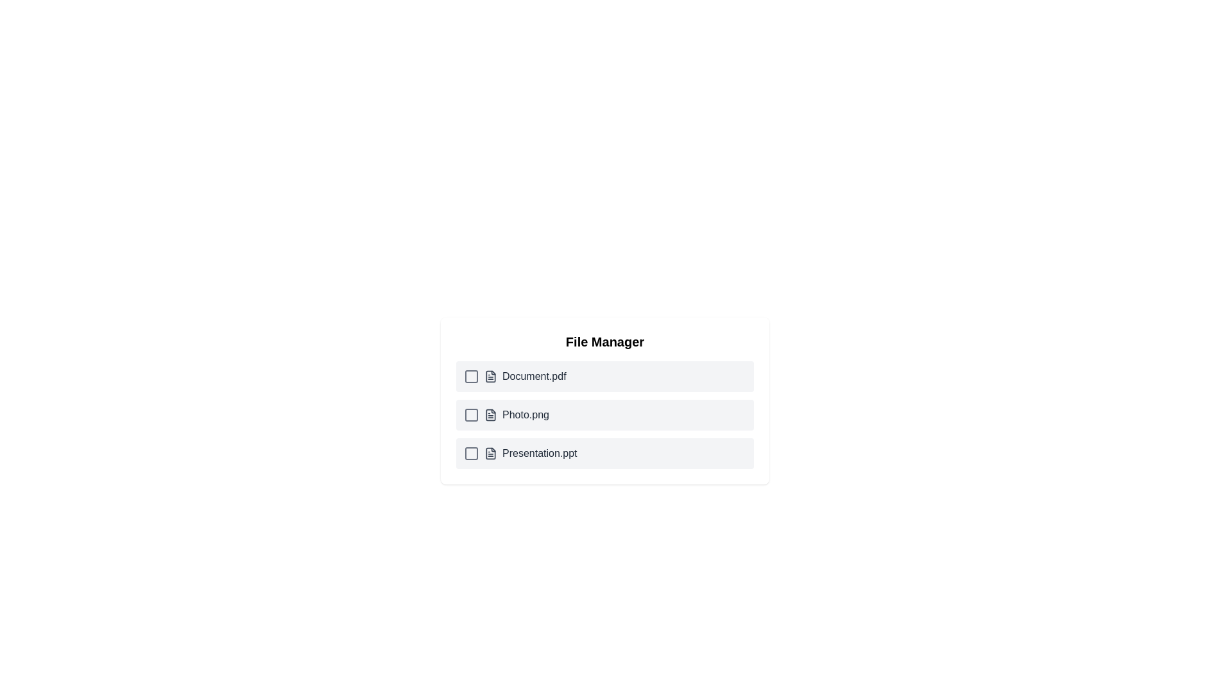 The width and height of the screenshot is (1232, 693). What do you see at coordinates (470, 415) in the screenshot?
I see `the small, gray, rounded square icon located to the left of the label 'Photo.png' in the second item of the list in the file manager interface` at bounding box center [470, 415].